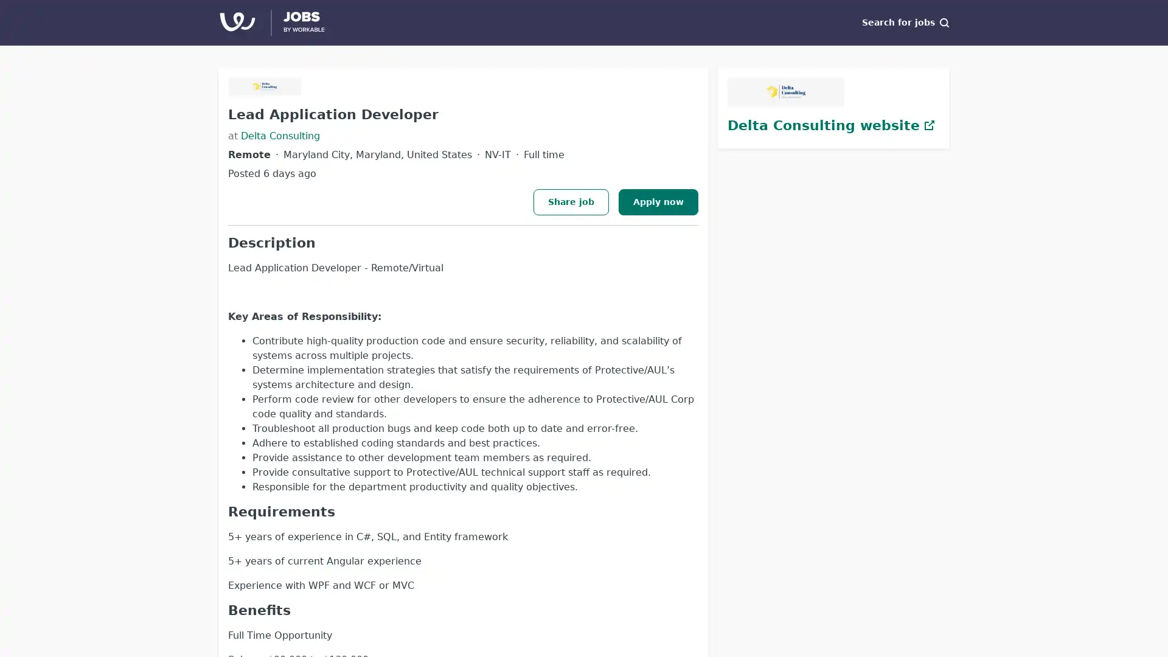 This screenshot has width=1168, height=657. What do you see at coordinates (571, 201) in the screenshot?
I see `Share job` at bounding box center [571, 201].